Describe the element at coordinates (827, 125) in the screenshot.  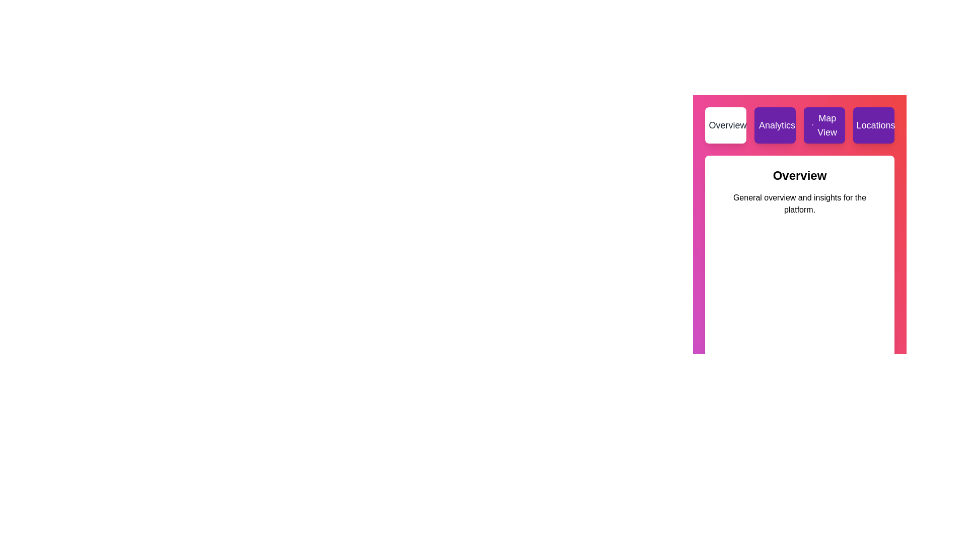
I see `text content of the 'Map View' label, which is part of a horizontally aligned menu with a purple background and rounded corners` at that location.